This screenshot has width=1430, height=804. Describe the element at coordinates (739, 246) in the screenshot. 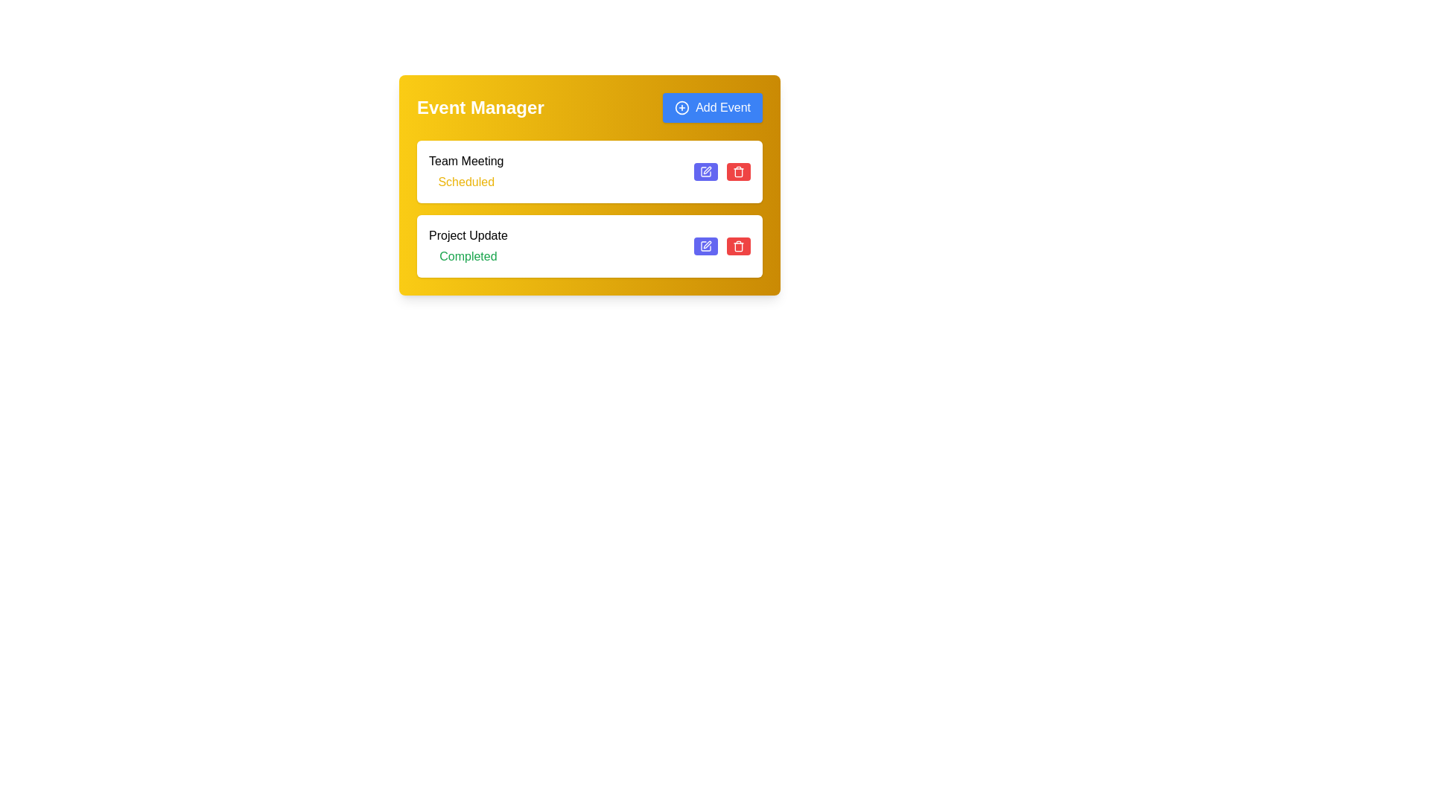

I see `the small, rounded rectangular red button with a trash bin icon located in the lower row of buttons within the 'Project Update' card to initiate the delete action` at that location.